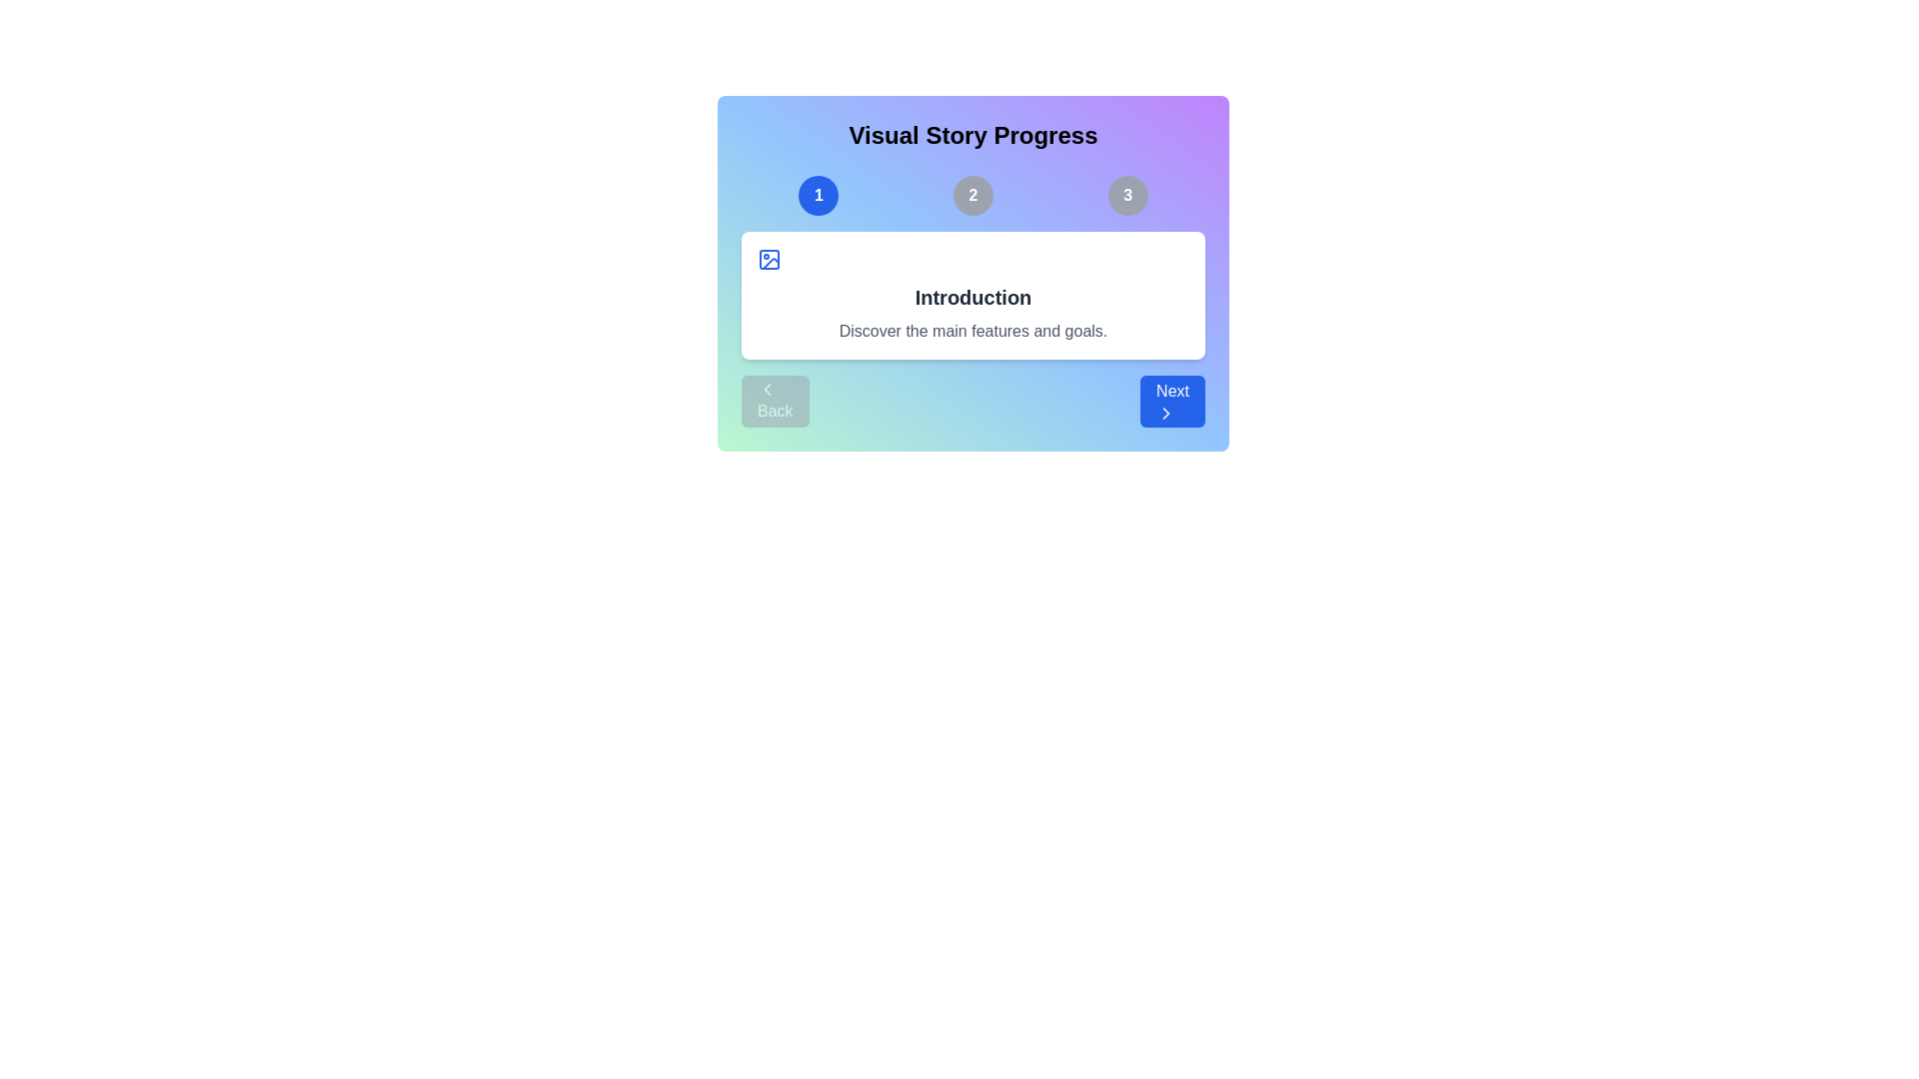 The image size is (1919, 1079). What do you see at coordinates (973, 196) in the screenshot?
I see `the slide number indicator corresponding to slide 2` at bounding box center [973, 196].